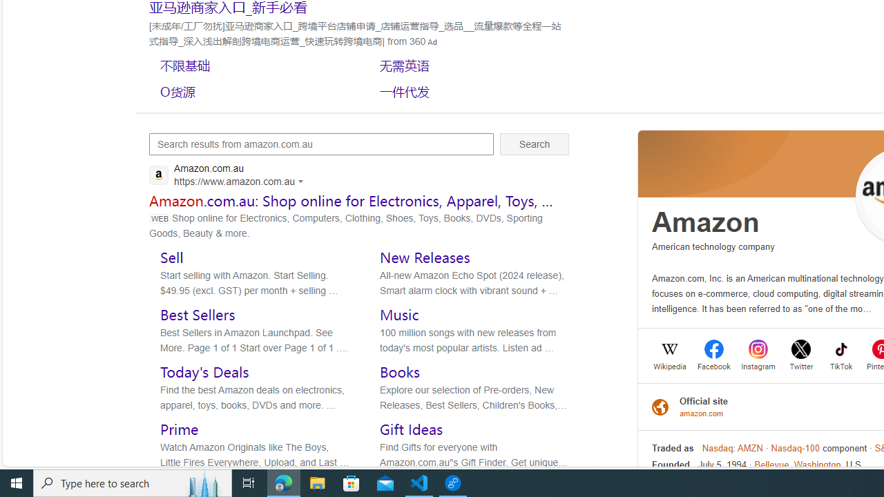  What do you see at coordinates (230, 175) in the screenshot?
I see `'Amazon.com.au'` at bounding box center [230, 175].